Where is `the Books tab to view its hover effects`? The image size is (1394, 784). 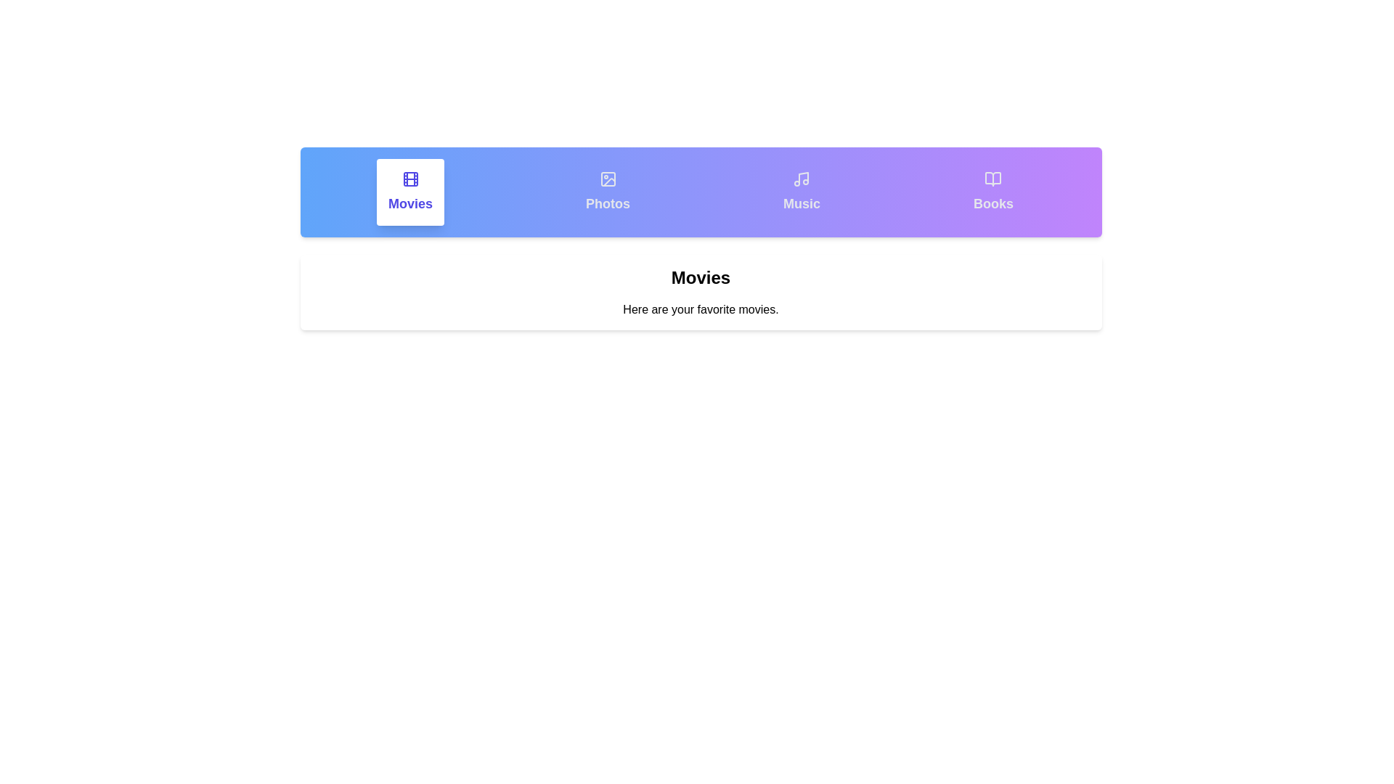
the Books tab to view its hover effects is located at coordinates (992, 192).